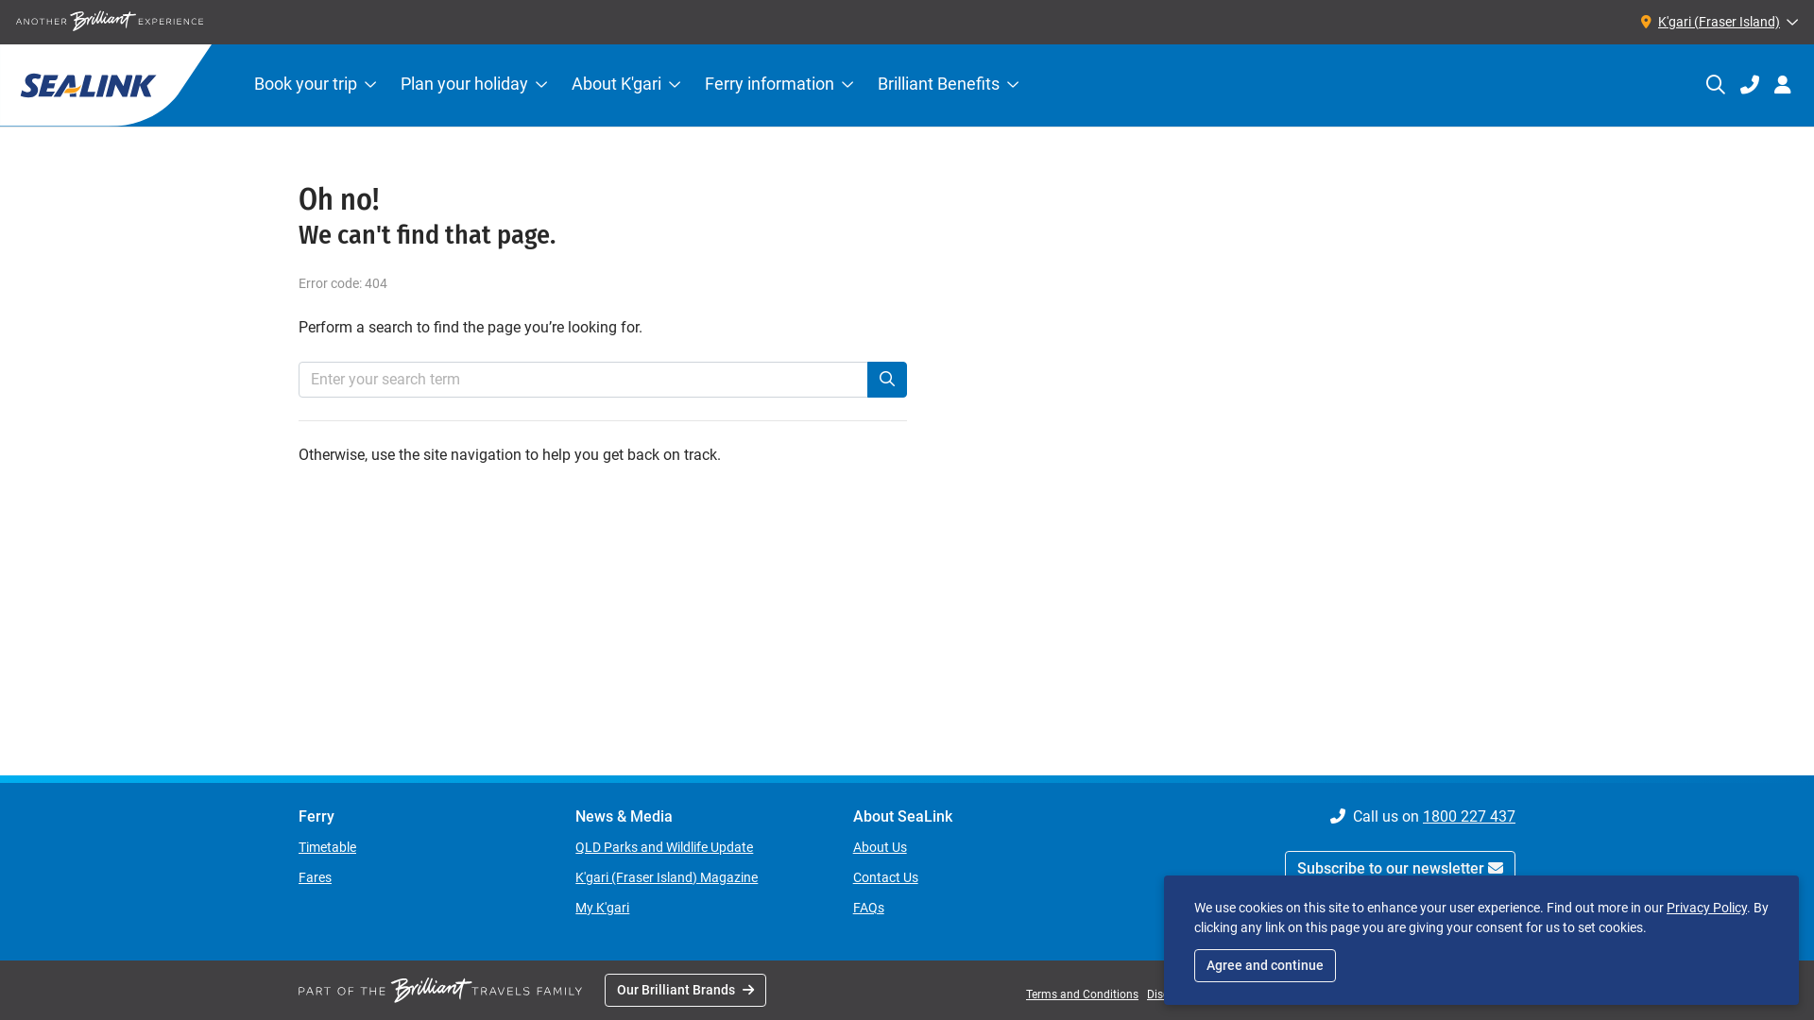 This screenshot has width=1814, height=1020. What do you see at coordinates (108, 22) in the screenshot?
I see `'Another Brilliant experience'` at bounding box center [108, 22].